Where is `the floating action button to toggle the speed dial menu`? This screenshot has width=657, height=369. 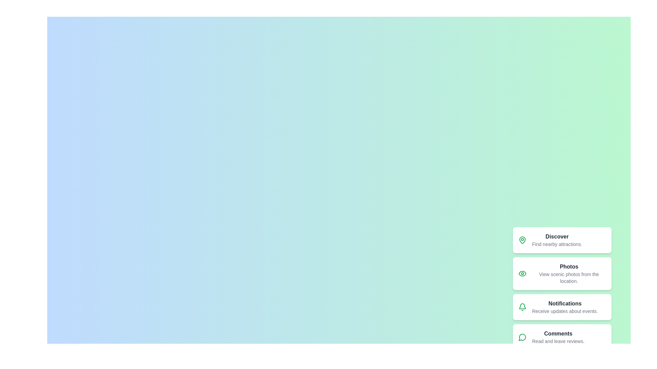
the floating action button to toggle the speed dial menu is located at coordinates (606, 361).